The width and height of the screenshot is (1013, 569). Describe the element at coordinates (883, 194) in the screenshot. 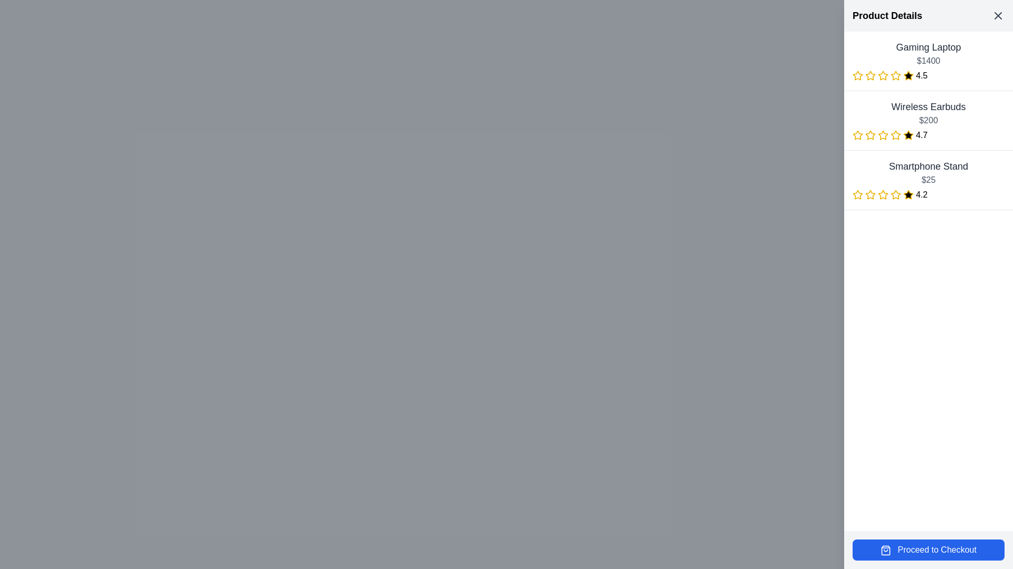

I see `the golden outlined star-shaped icon used for rating in the rating section of the 'Smartphone Stand' product entry, located under the third product in the right-hand panel` at that location.